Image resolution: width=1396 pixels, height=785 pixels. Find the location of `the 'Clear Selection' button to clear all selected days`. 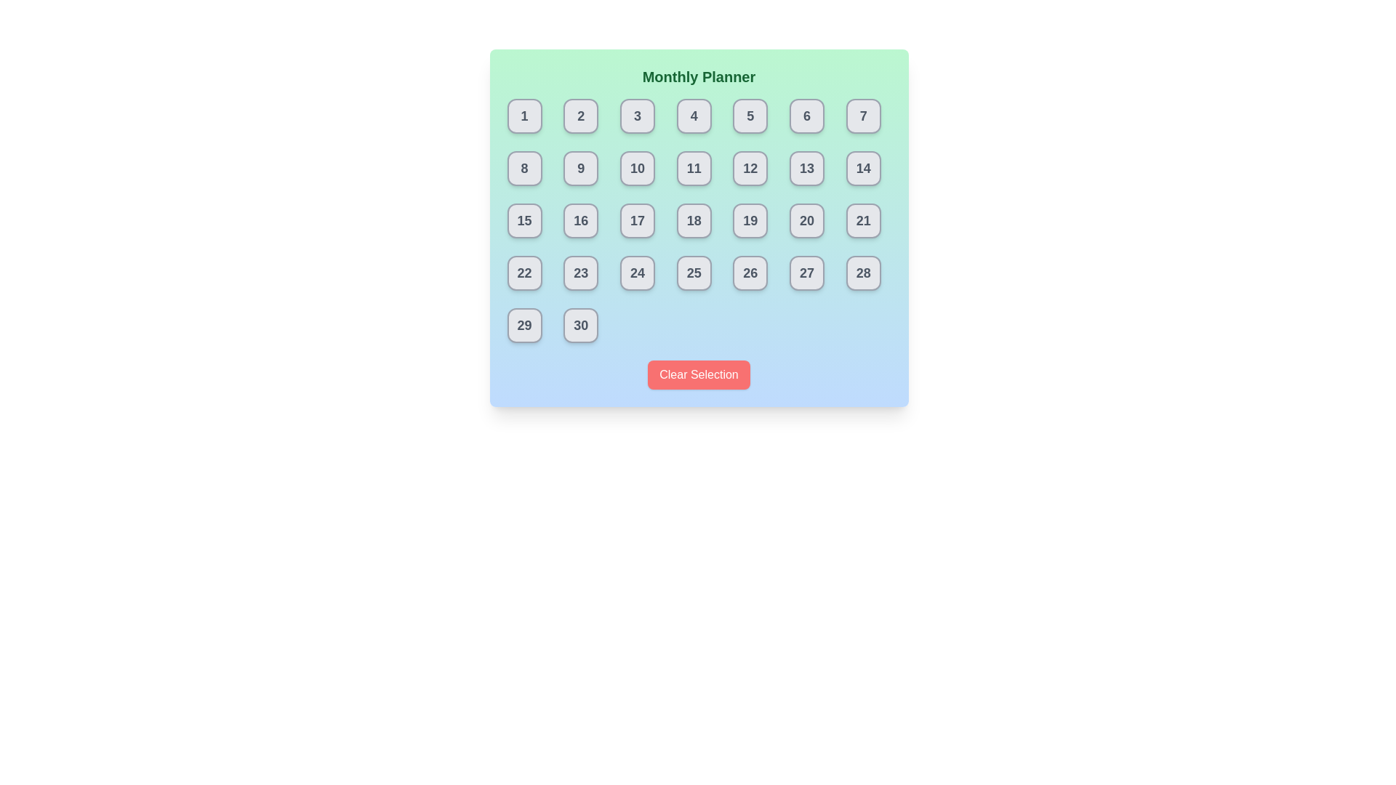

the 'Clear Selection' button to clear all selected days is located at coordinates (699, 374).